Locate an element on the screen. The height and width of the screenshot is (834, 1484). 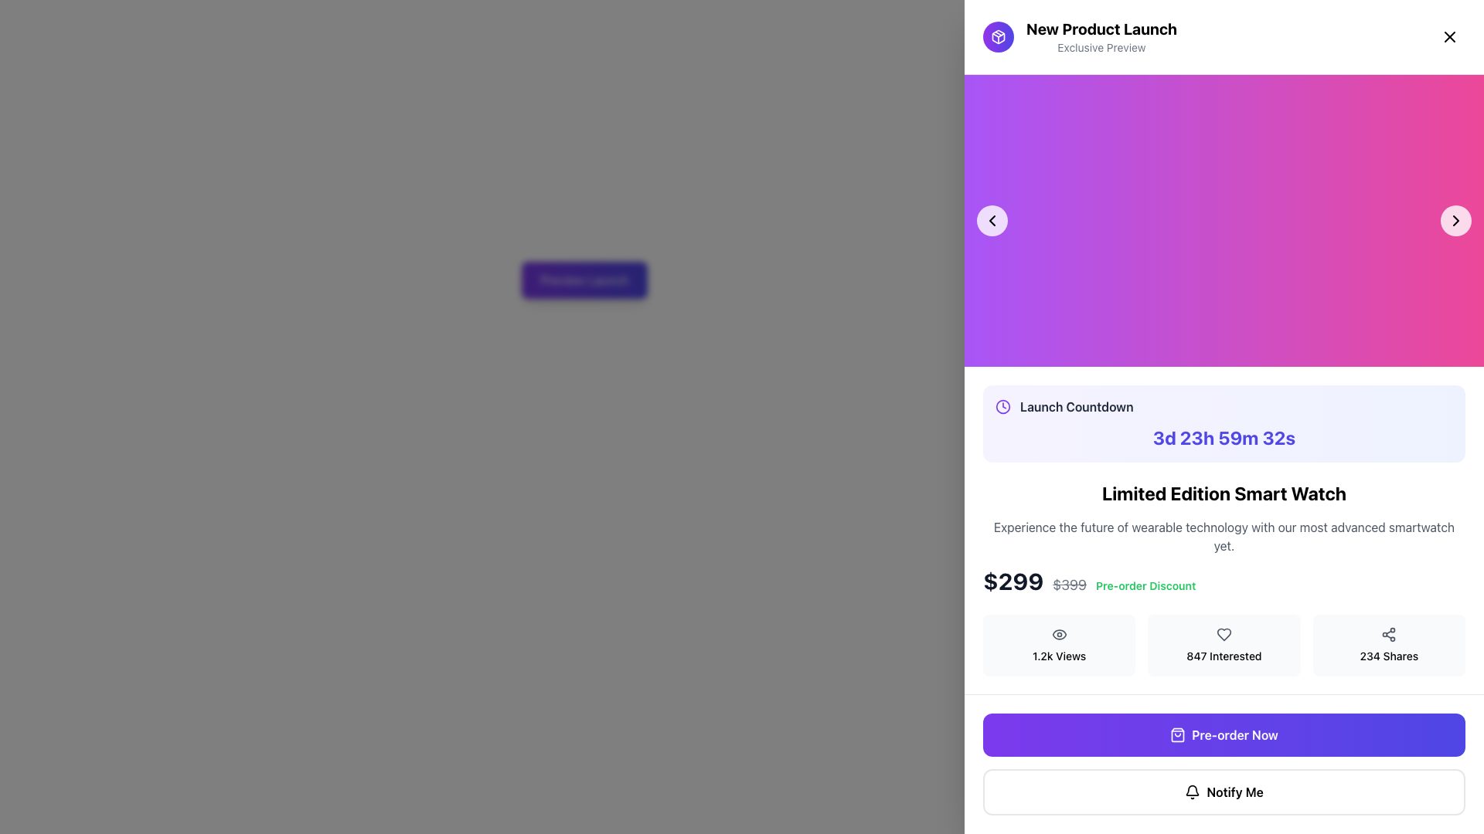
the informational section related to the smartwatch product, which is prominently styled with bold text and colored pricing details, to interact with any surrounding promotional elements is located at coordinates (1224, 537).